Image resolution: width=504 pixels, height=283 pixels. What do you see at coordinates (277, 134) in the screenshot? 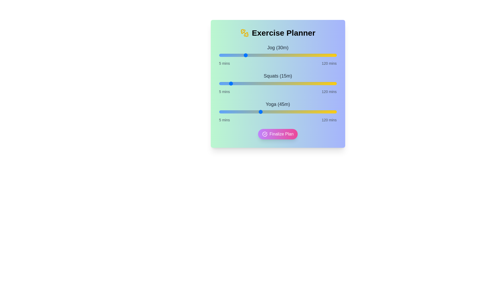
I see `the 'Finalize Plan' button to submit the exercise plan` at bounding box center [277, 134].